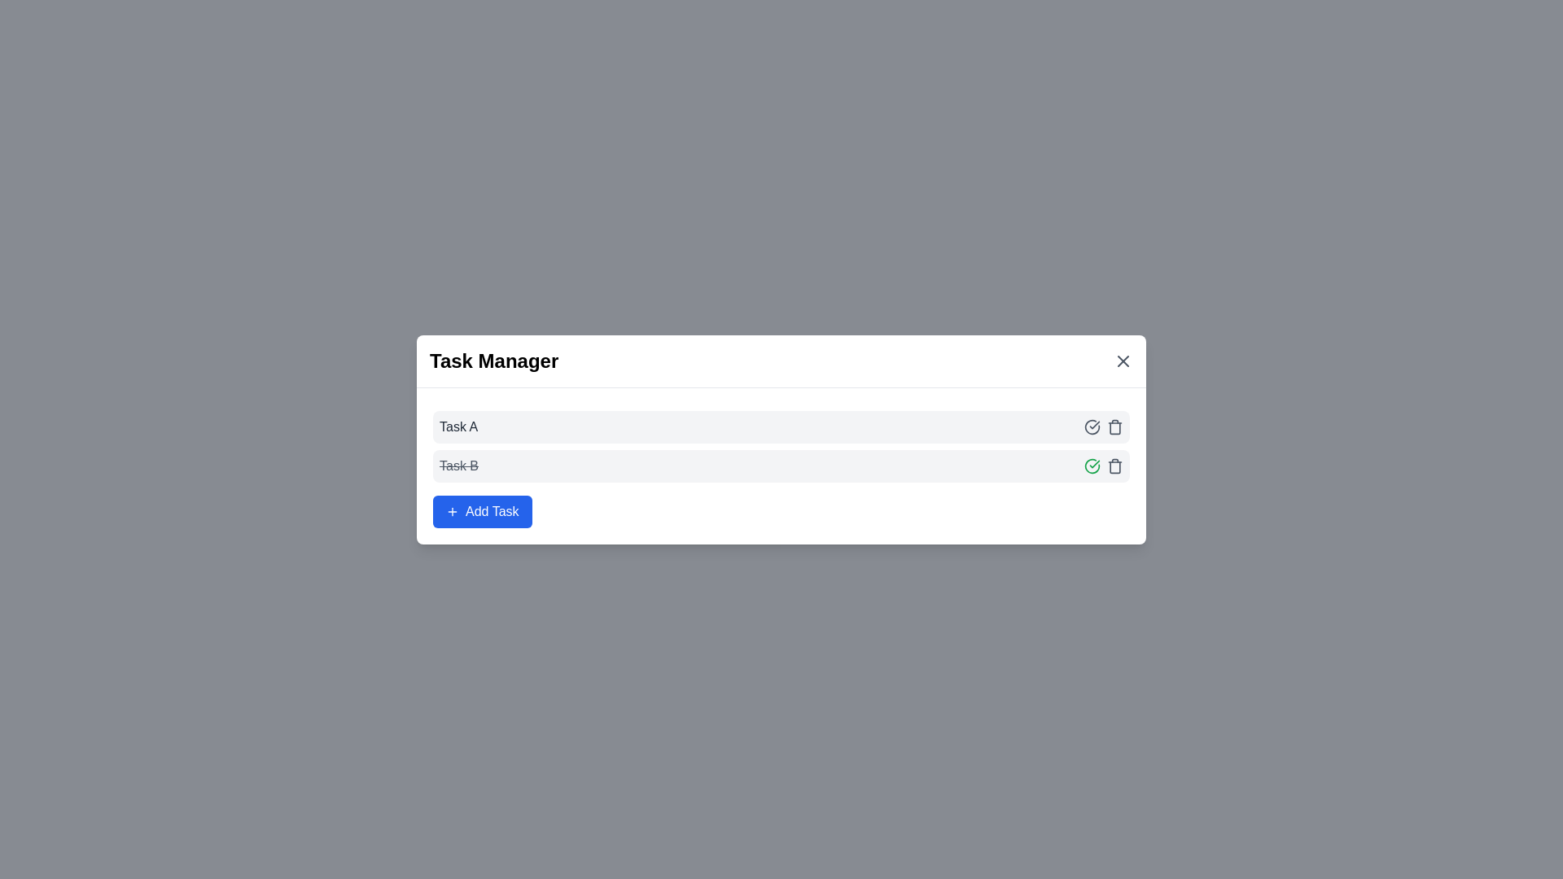 The width and height of the screenshot is (1563, 879). I want to click on the text element indicating a completed task in the task management interface, which is the second item in the vertical list directly below 'Task A', so click(458, 466).